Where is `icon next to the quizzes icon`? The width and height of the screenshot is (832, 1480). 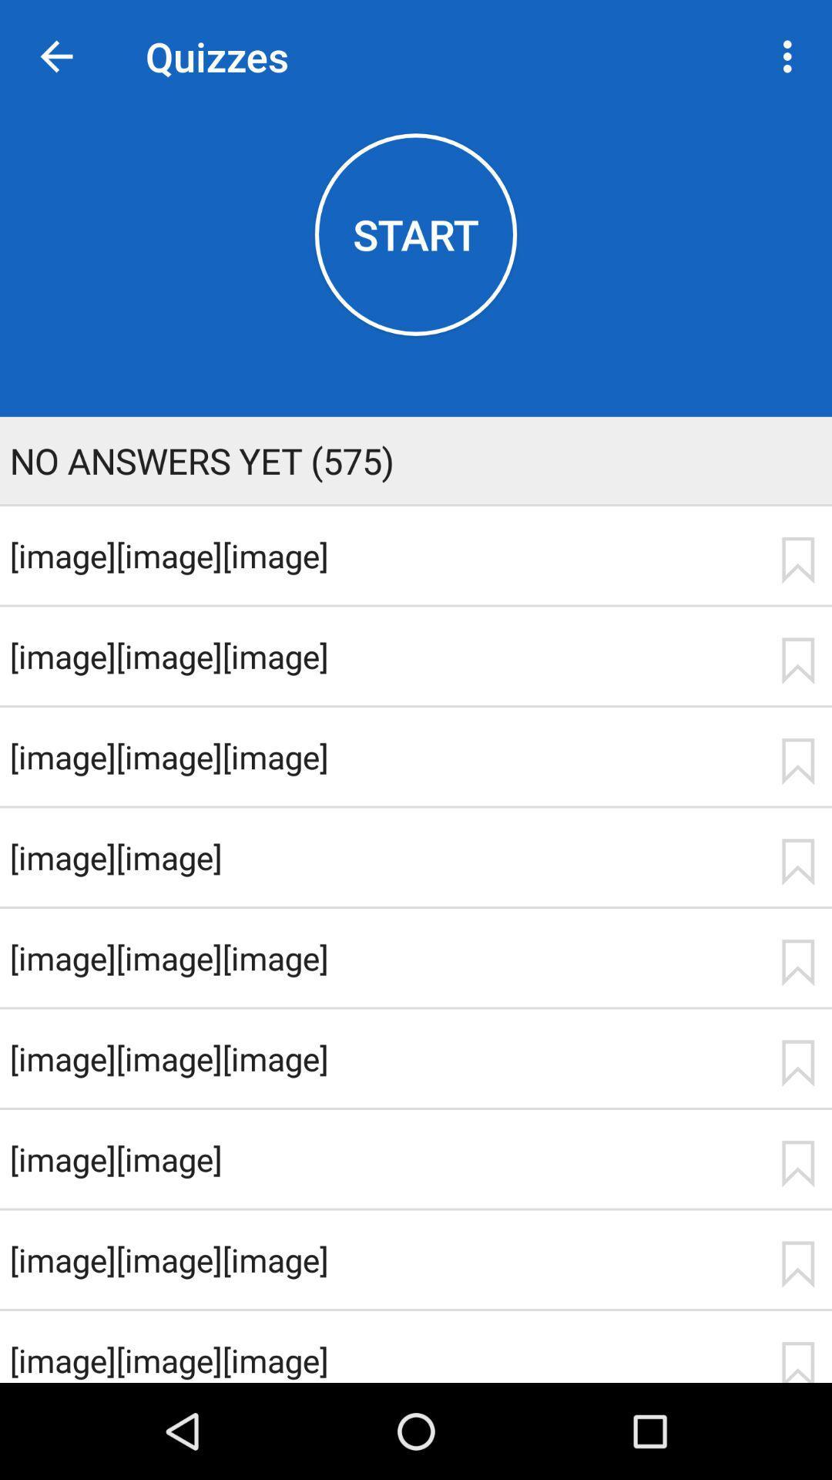 icon next to the quizzes icon is located at coordinates (791, 56).